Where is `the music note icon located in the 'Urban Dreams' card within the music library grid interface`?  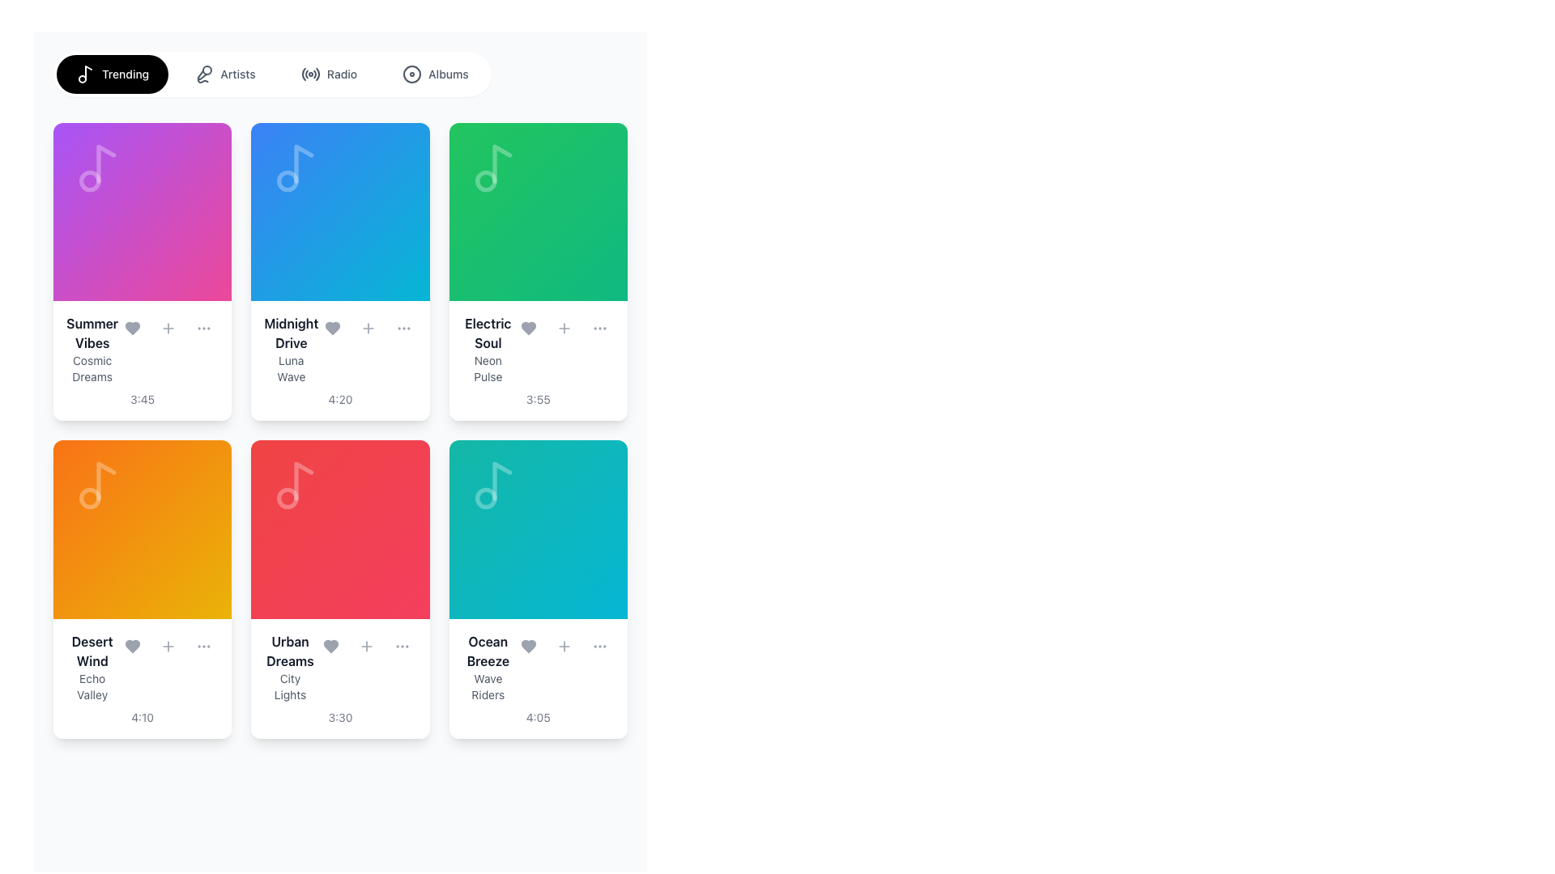 the music note icon located in the 'Urban Dreams' card within the music library grid interface is located at coordinates (296, 485).